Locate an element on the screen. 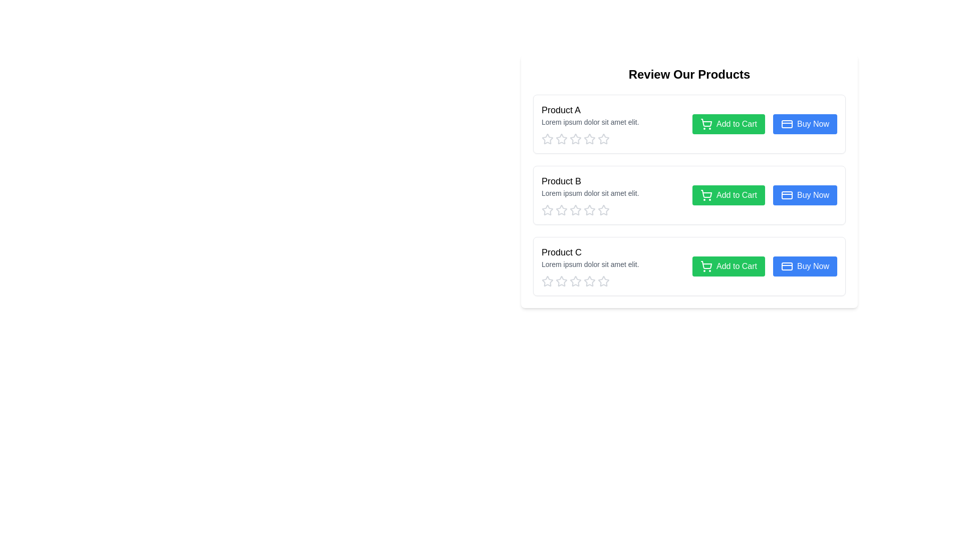 The width and height of the screenshot is (962, 541). the fourth star icon under 'Product A' to rate the item is located at coordinates (603, 139).